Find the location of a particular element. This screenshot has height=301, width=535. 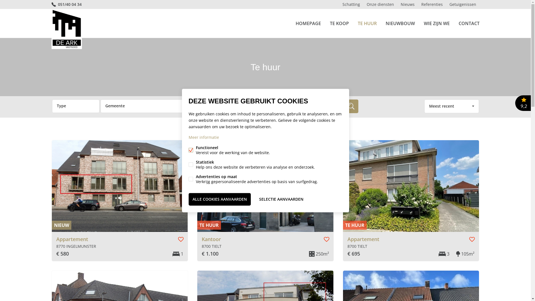

'Nieuws' is located at coordinates (408, 4).